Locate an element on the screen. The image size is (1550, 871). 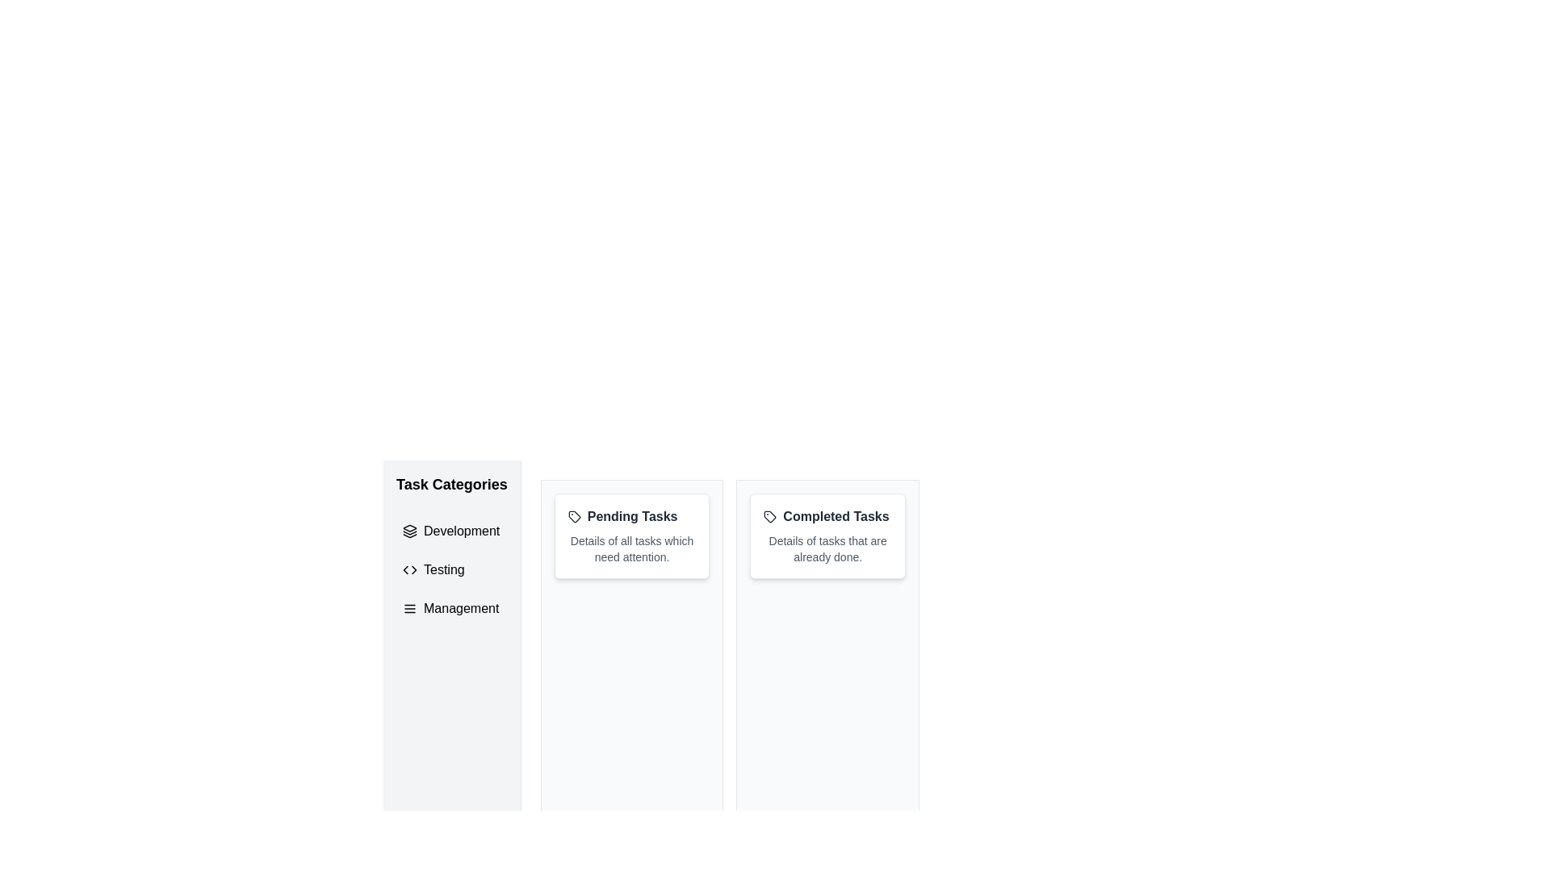
the text label indicating the category 'Testing' in the 'Task Categories' section is located at coordinates (444, 569).